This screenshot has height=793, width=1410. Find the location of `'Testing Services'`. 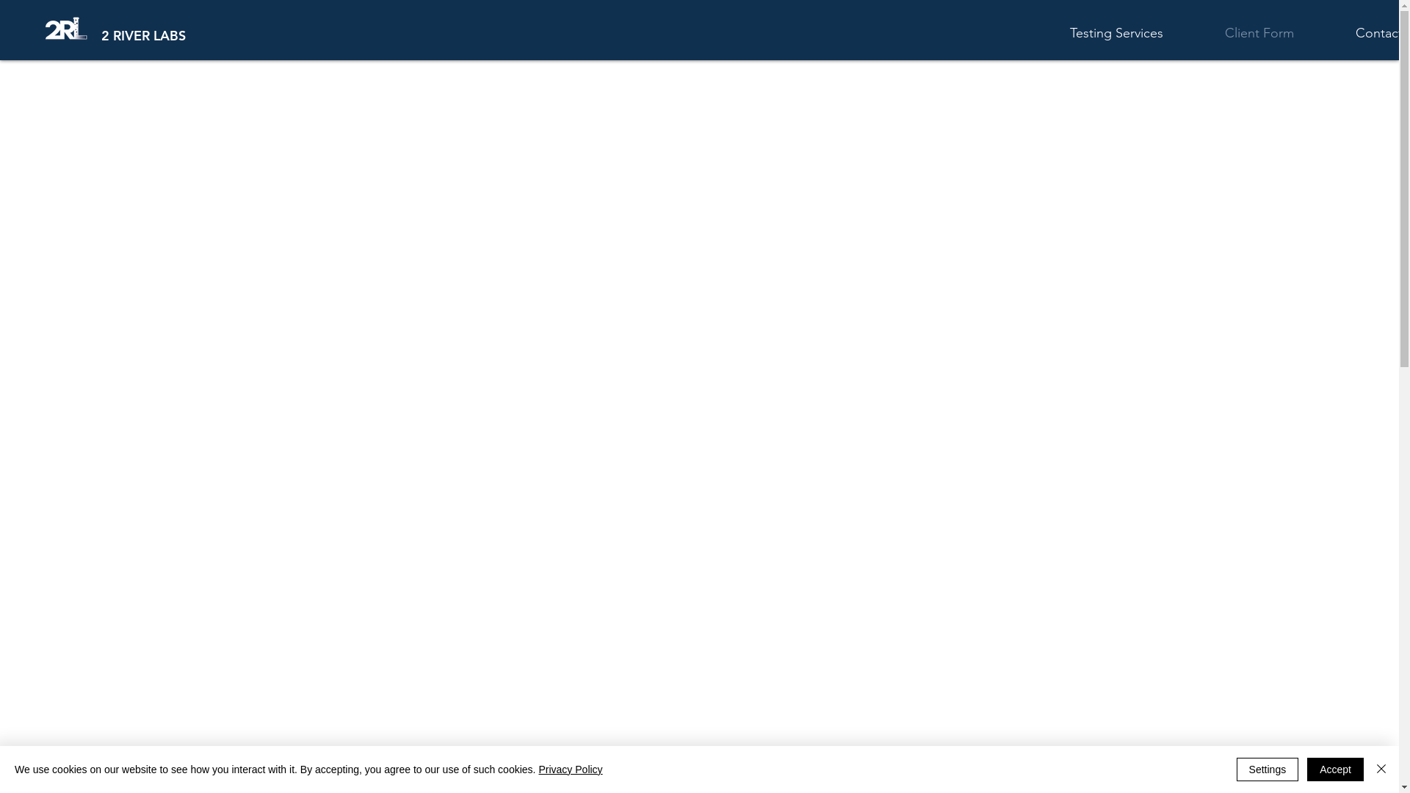

'Testing Services' is located at coordinates (1135, 33).